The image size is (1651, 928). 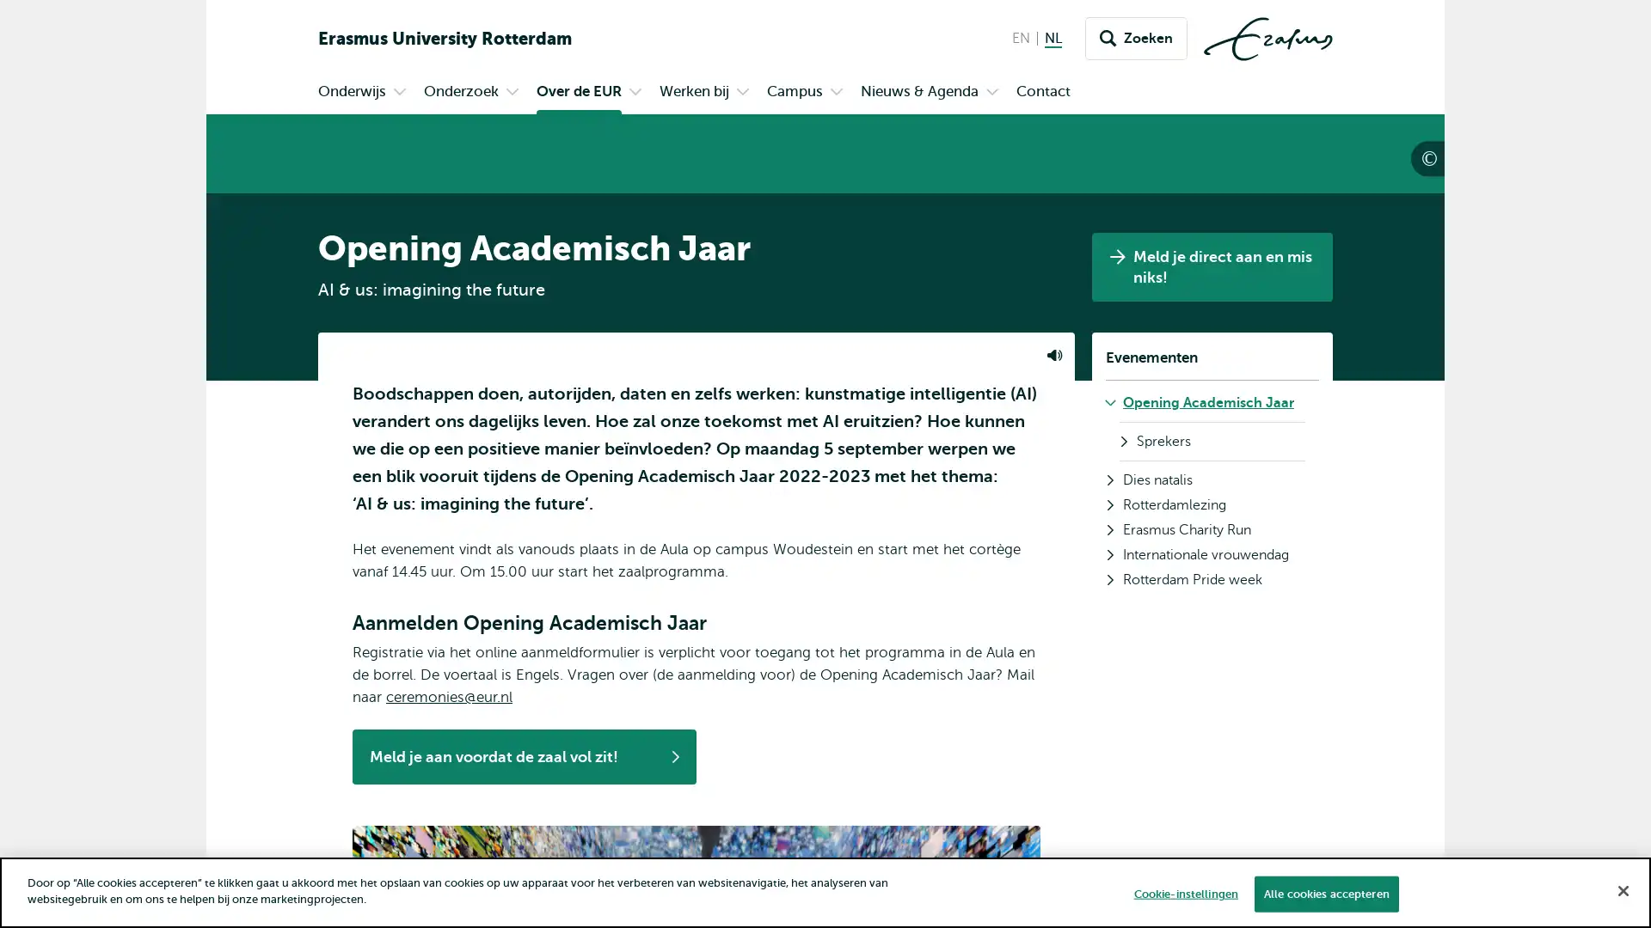 I want to click on Alle cookies accepteren, so click(x=1324, y=893).